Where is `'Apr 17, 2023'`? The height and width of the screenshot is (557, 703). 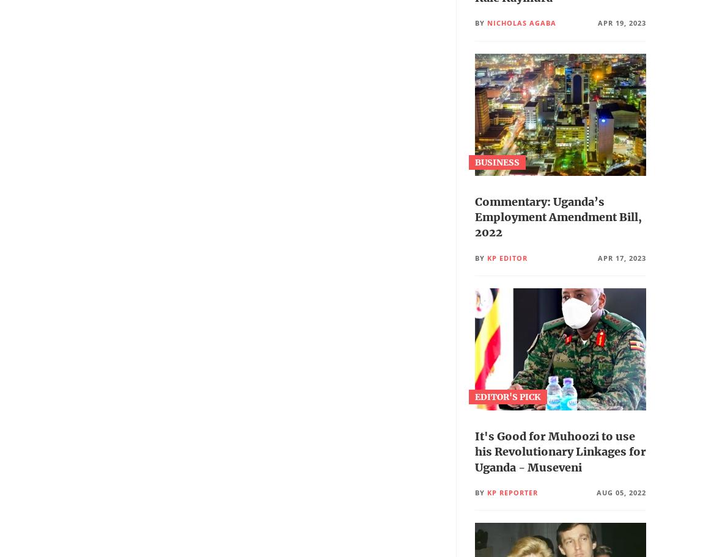 'Apr 17, 2023' is located at coordinates (621, 257).